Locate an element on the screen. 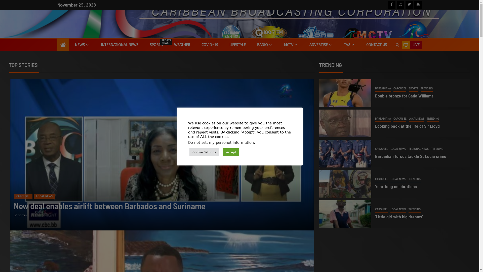 This screenshot has height=272, width=483. 'LOCAL NEWS' is located at coordinates (45, 196).